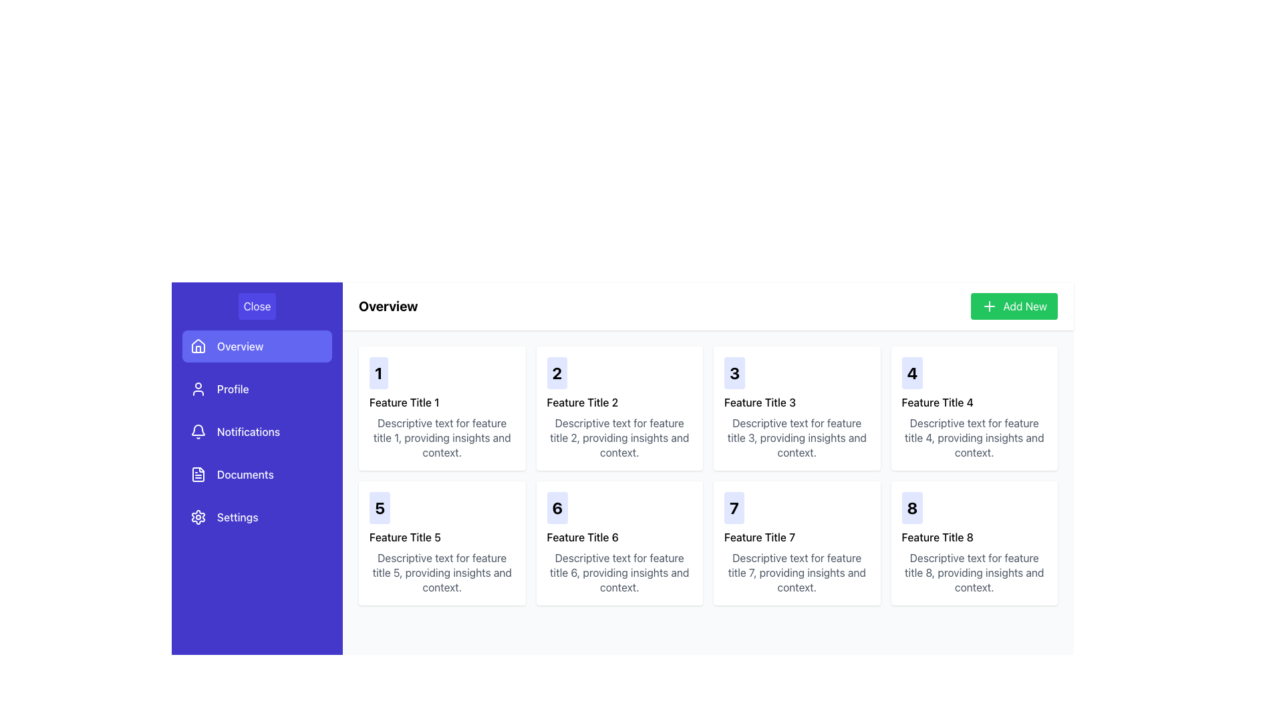 The image size is (1283, 721). What do you see at coordinates (974, 408) in the screenshot?
I see `the feature card located in the first row and fourth column of the grid layout by moving the cursor to its center point` at bounding box center [974, 408].